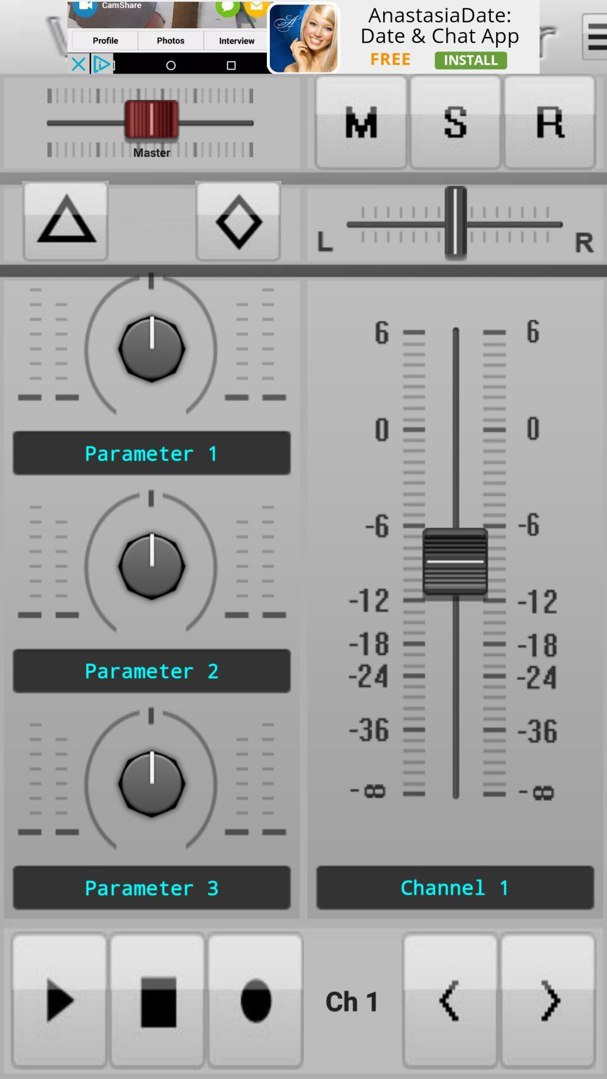 The height and width of the screenshot is (1079, 607). Describe the element at coordinates (303, 37) in the screenshot. I see `advertisement` at that location.